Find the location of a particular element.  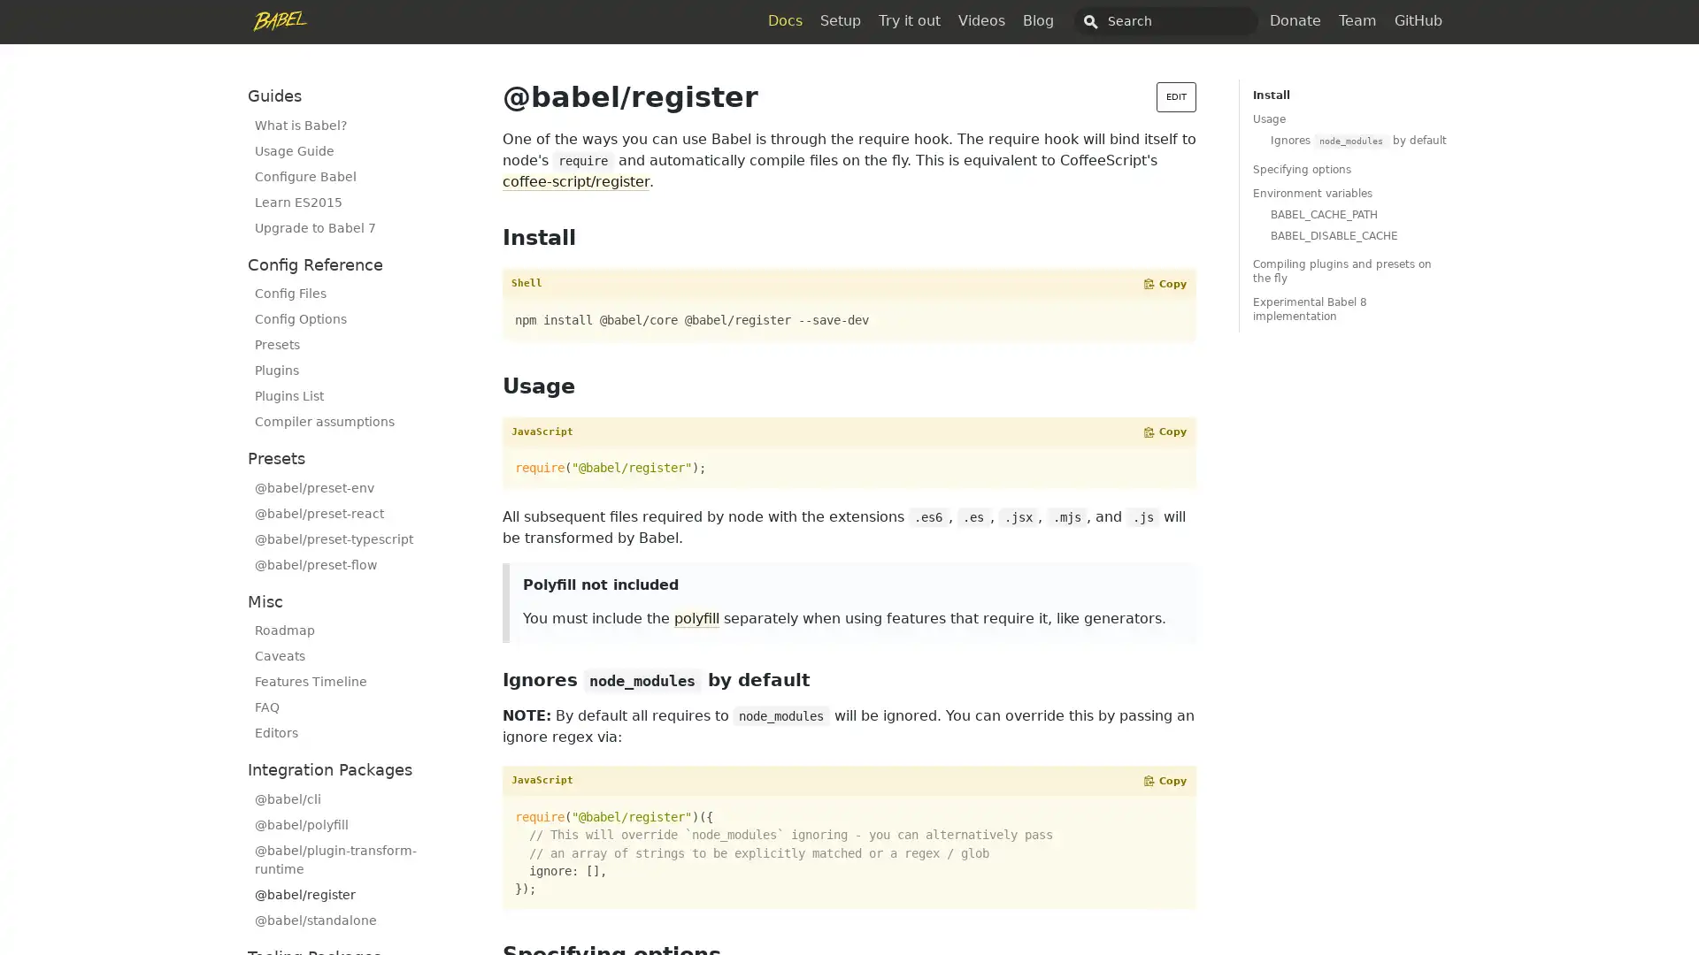

Copy code to clipboard is located at coordinates (1165, 432).